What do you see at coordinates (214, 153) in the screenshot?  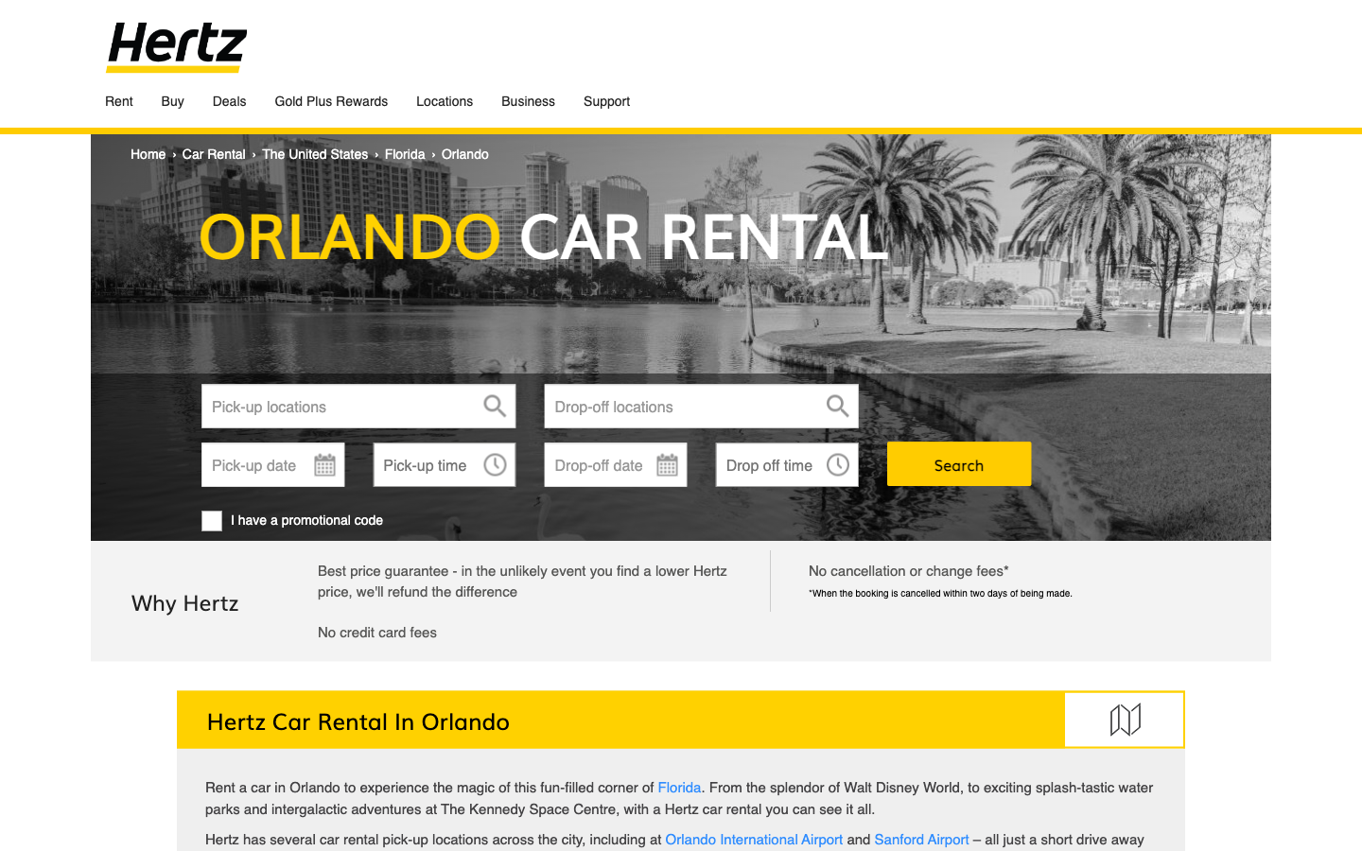 I see `Redirects to car rental` at bounding box center [214, 153].